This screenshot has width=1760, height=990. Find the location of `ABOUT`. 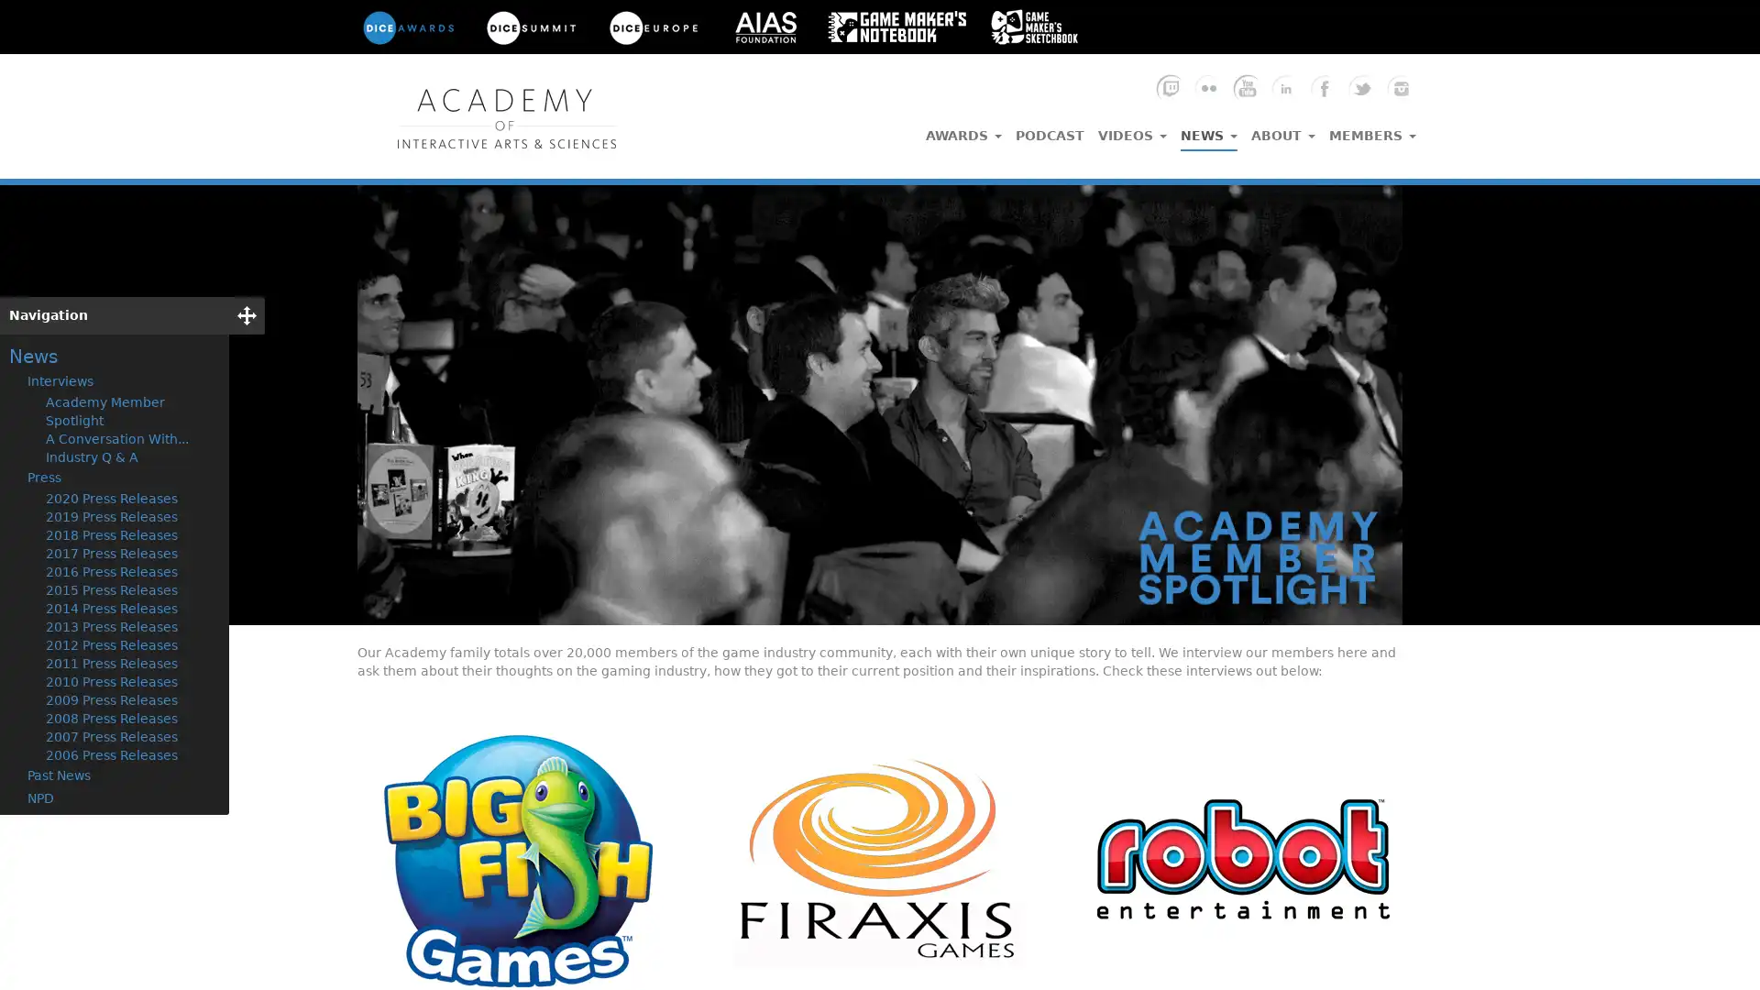

ABOUT is located at coordinates (1282, 129).